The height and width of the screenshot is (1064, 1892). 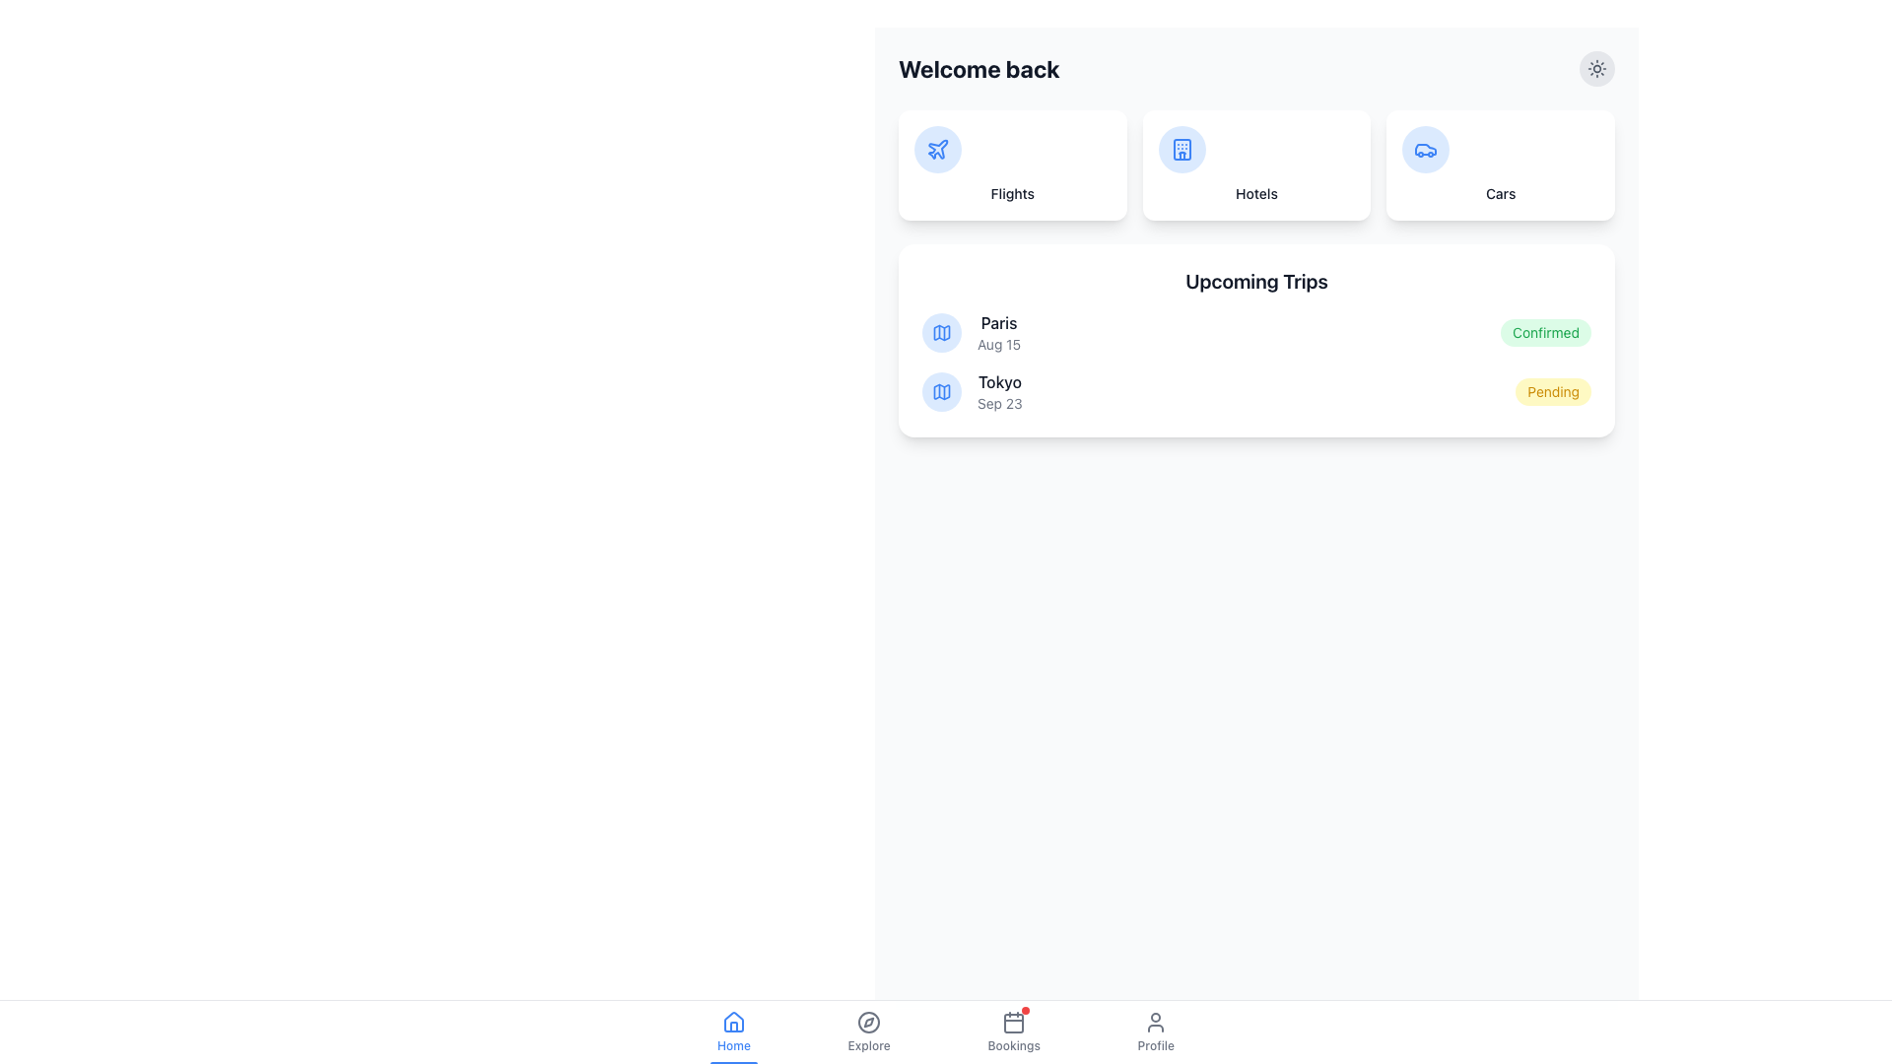 What do you see at coordinates (1426, 148) in the screenshot?
I see `the car icon button, which is styled in blue and located in the upper-right section of the 'Welcome back' panel, within the 'Cars' card` at bounding box center [1426, 148].